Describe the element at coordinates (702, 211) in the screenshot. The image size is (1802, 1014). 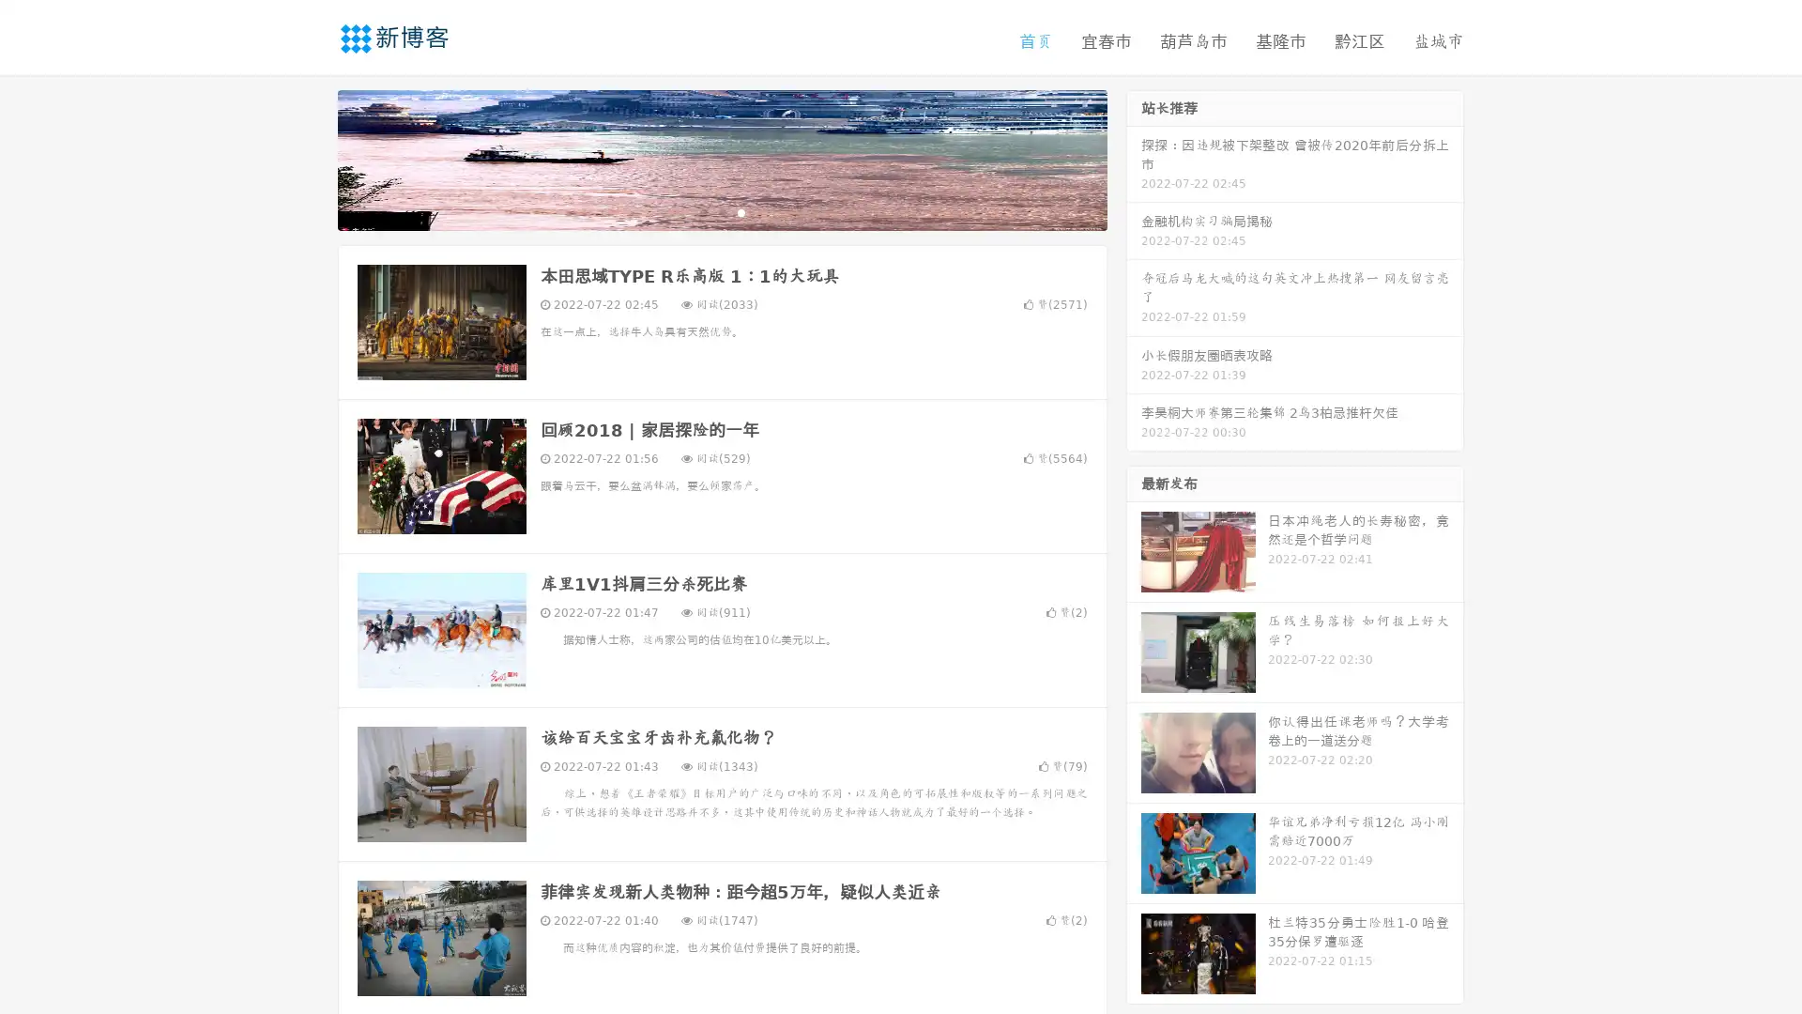
I see `Go to slide 1` at that location.